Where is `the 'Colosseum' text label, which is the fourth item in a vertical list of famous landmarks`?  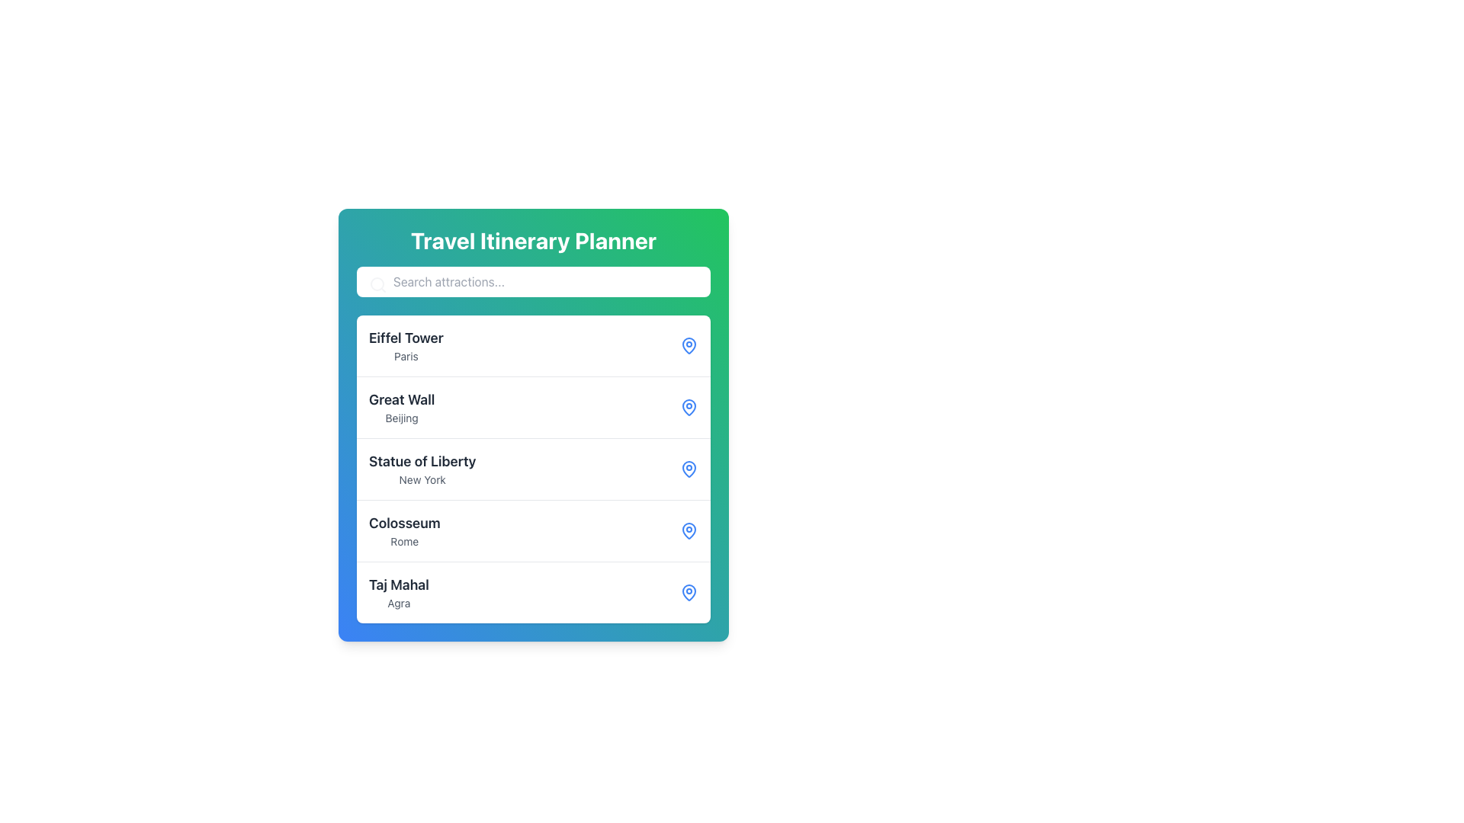
the 'Colosseum' text label, which is the fourth item in a vertical list of famous landmarks is located at coordinates (404, 530).